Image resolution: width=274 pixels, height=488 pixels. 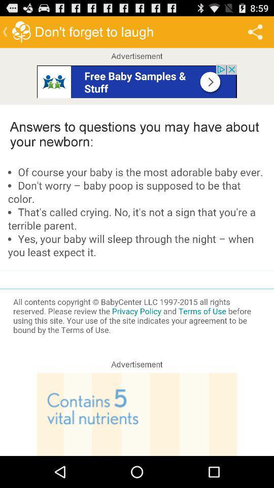 I want to click on advertisements image, so click(x=137, y=80).